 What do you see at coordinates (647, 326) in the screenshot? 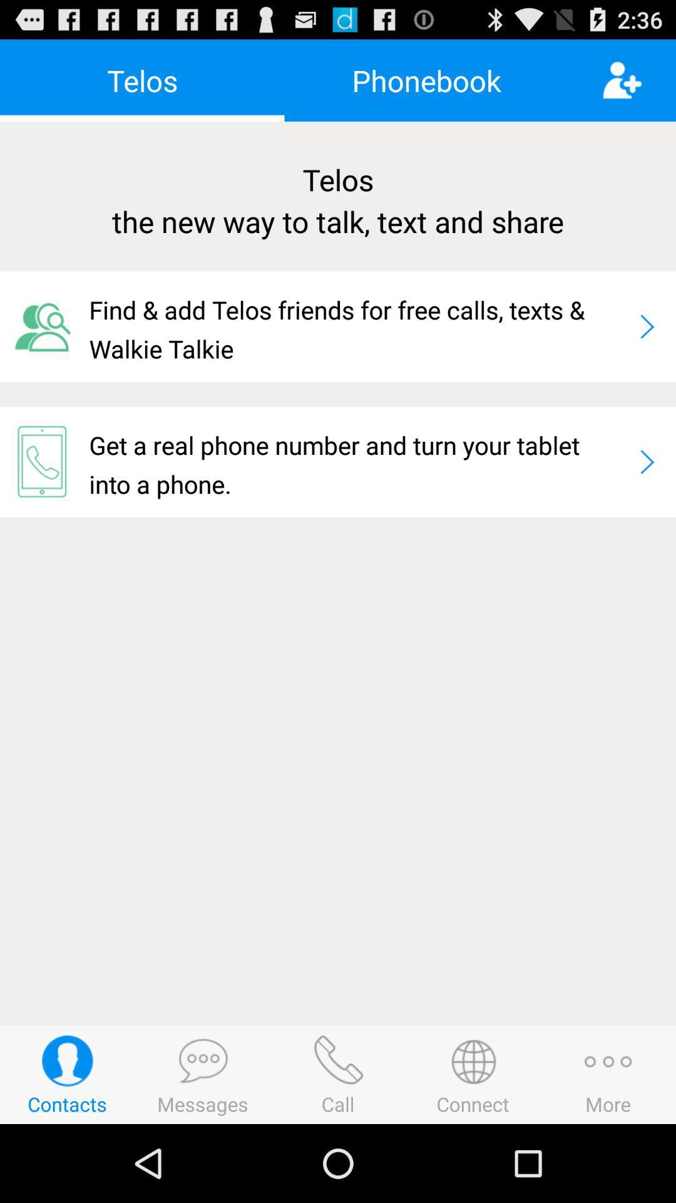
I see `icon to the right of the find add telos item` at bounding box center [647, 326].